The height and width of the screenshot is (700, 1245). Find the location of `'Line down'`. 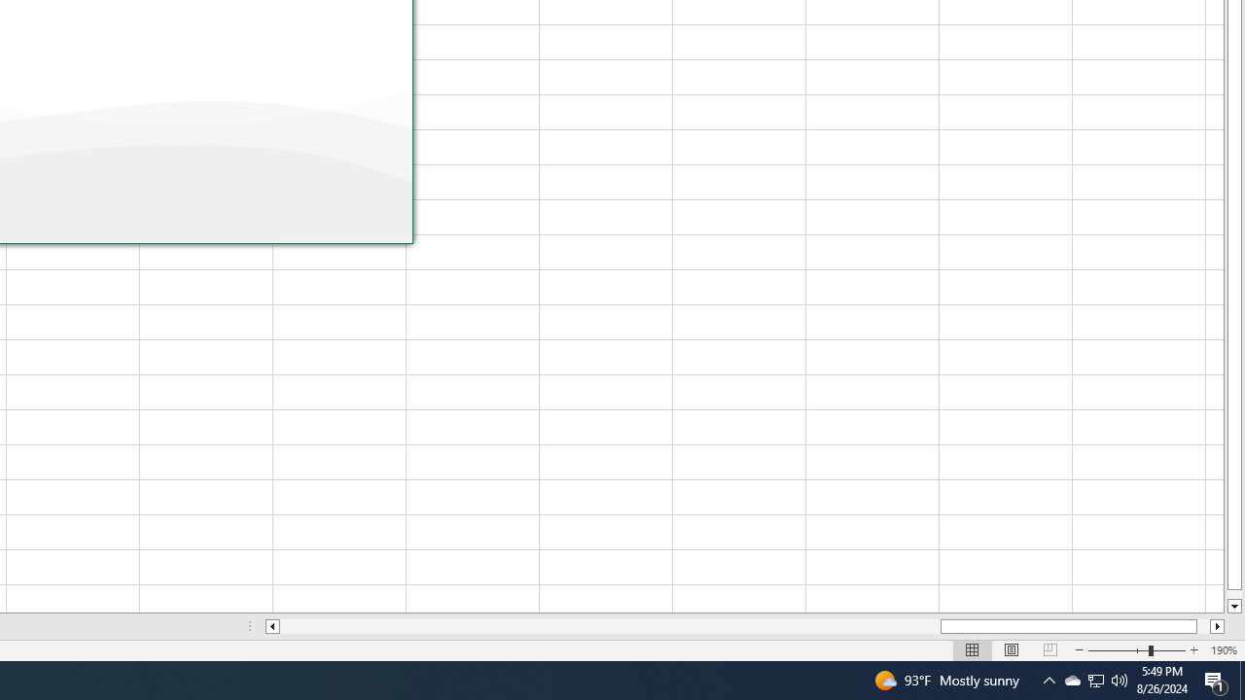

'Line down' is located at coordinates (1233, 606).